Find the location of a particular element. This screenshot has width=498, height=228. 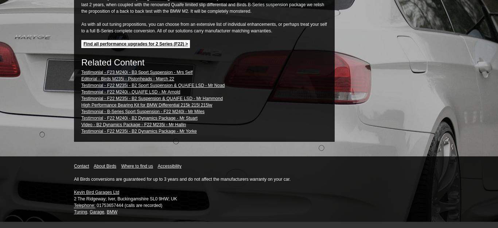

'Testimonial - F22 M240i - B2 Dynamics Package - Mr Stuart' is located at coordinates (81, 118).